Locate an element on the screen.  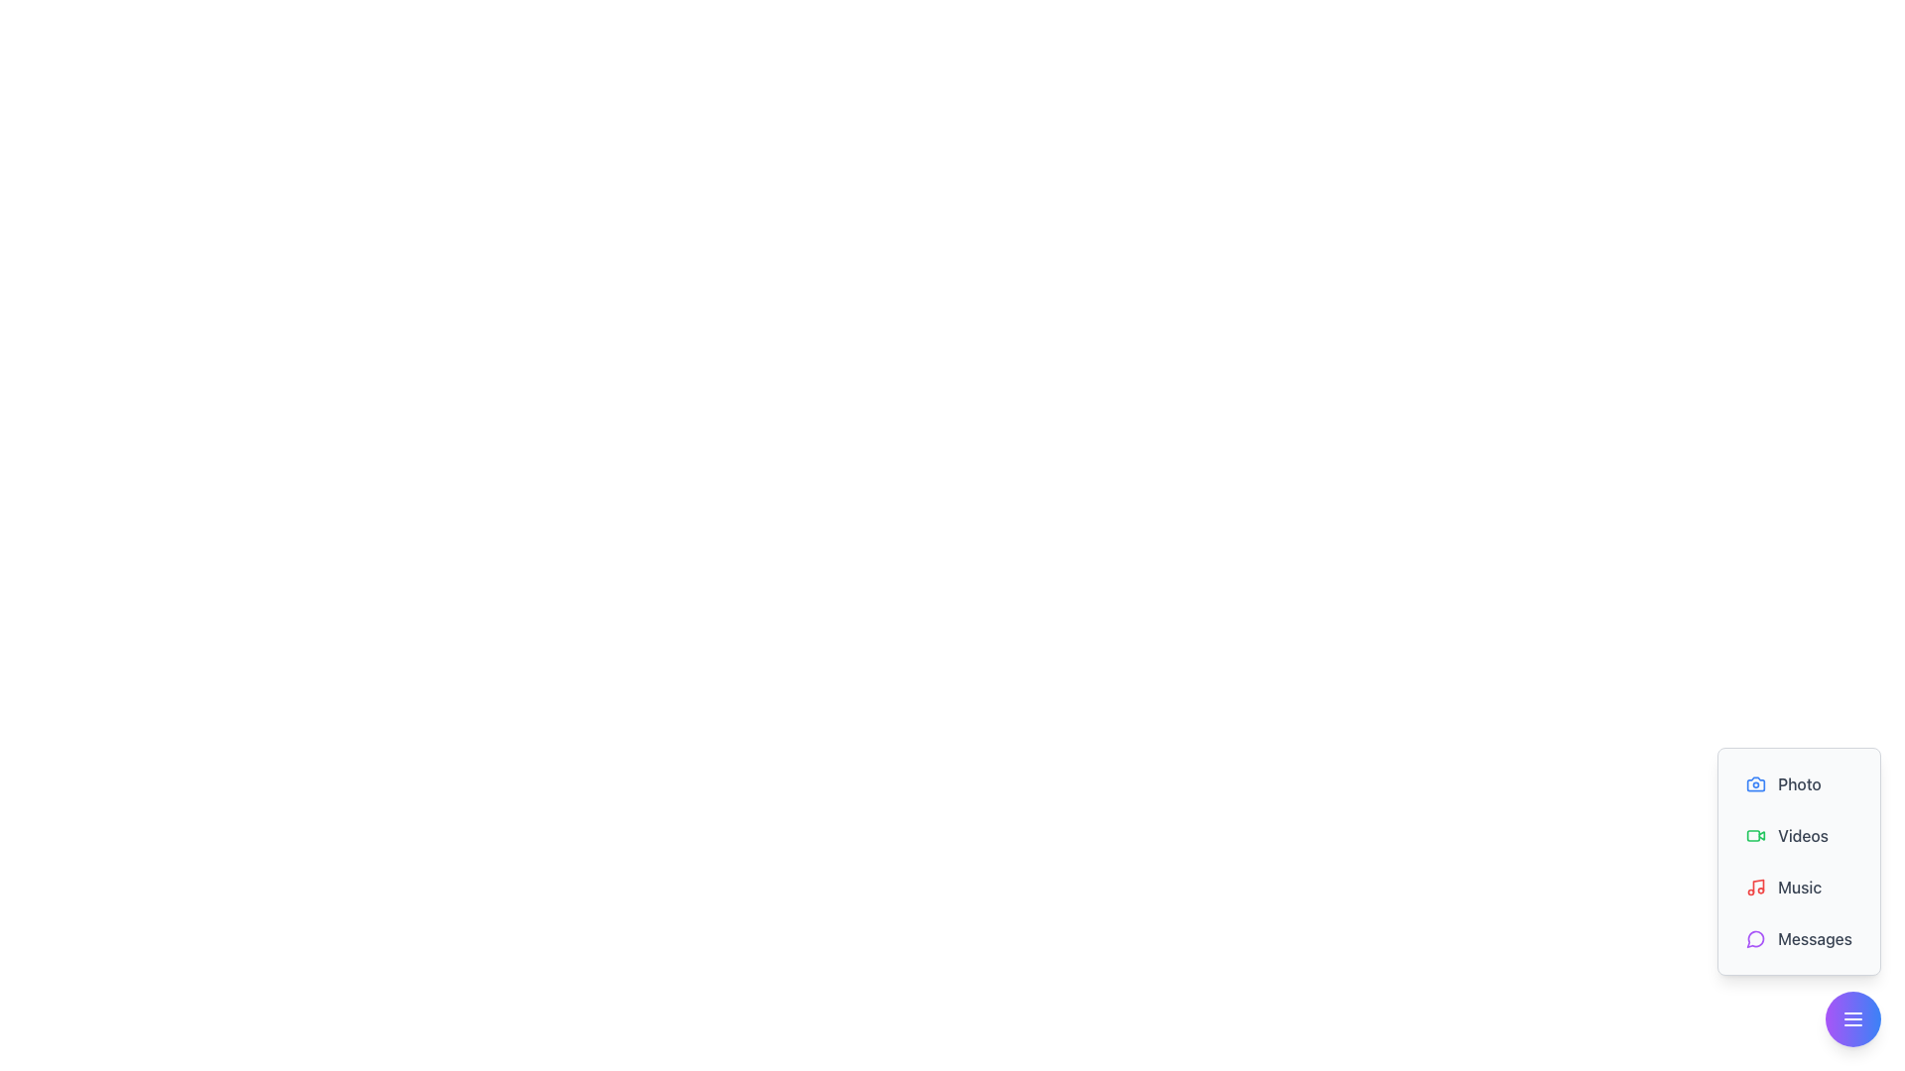
the red music icon in the 'Music' menu, which is the leftmost icon in the vertical list of options including 'Photo' and 'Videos' is located at coordinates (1756, 886).